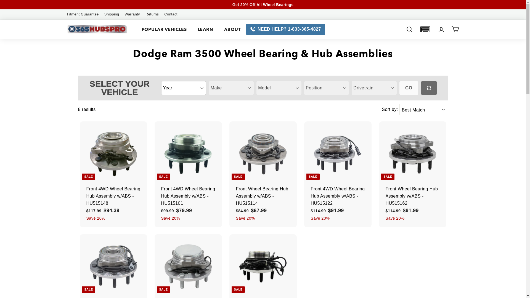 This screenshot has width=530, height=298. What do you see at coordinates (425, 29) in the screenshot?
I see `'Garage: 0 item(s)'` at bounding box center [425, 29].